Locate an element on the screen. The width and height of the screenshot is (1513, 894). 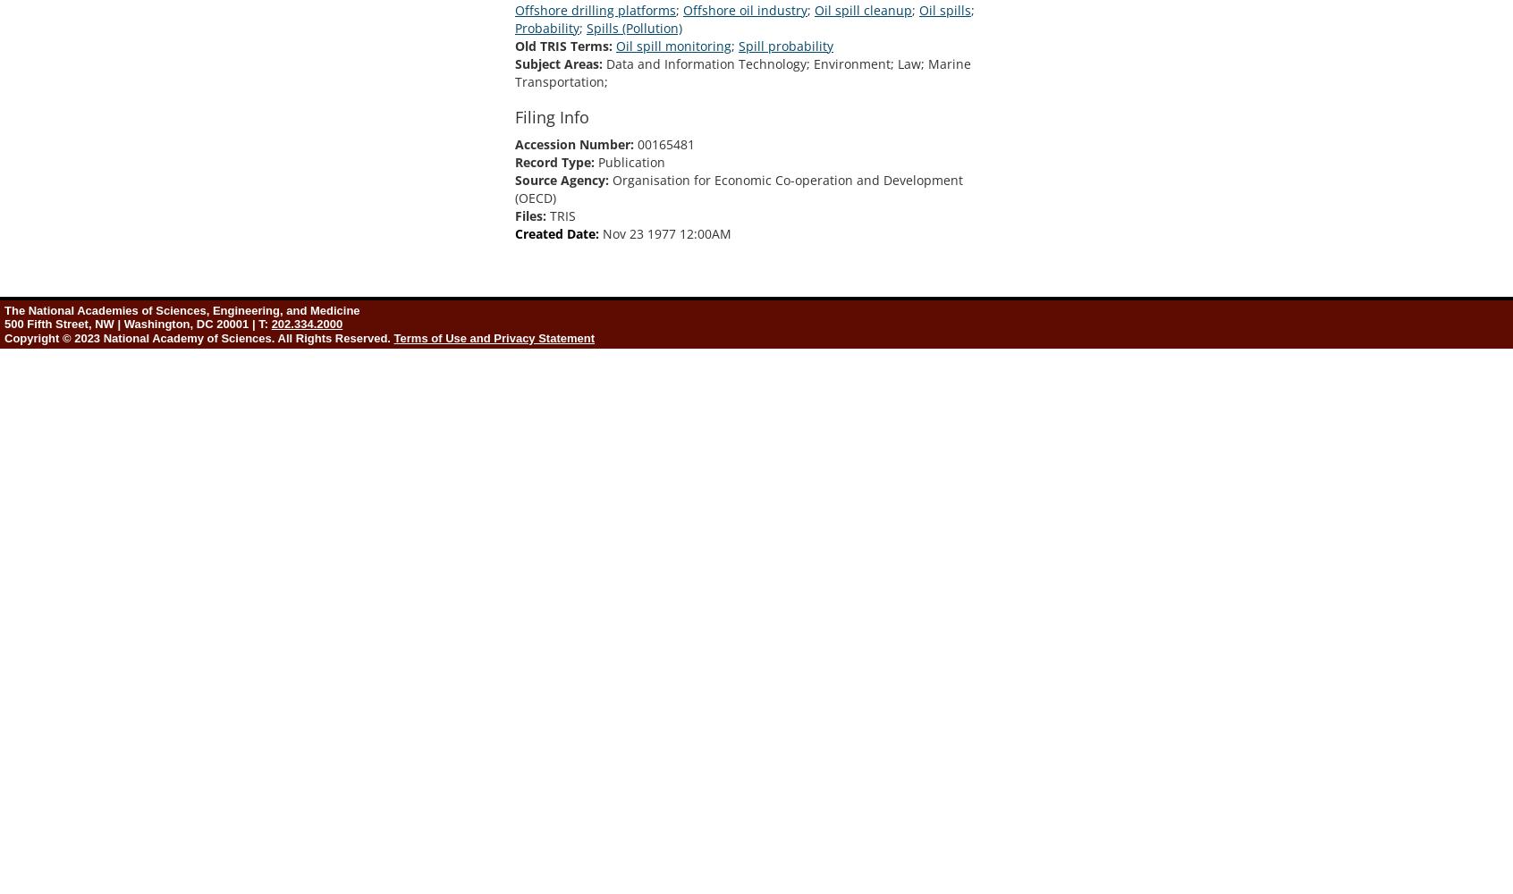
'500 Fifth Street, NW | Washington, DC 20001 | Τ:' is located at coordinates (136, 322).